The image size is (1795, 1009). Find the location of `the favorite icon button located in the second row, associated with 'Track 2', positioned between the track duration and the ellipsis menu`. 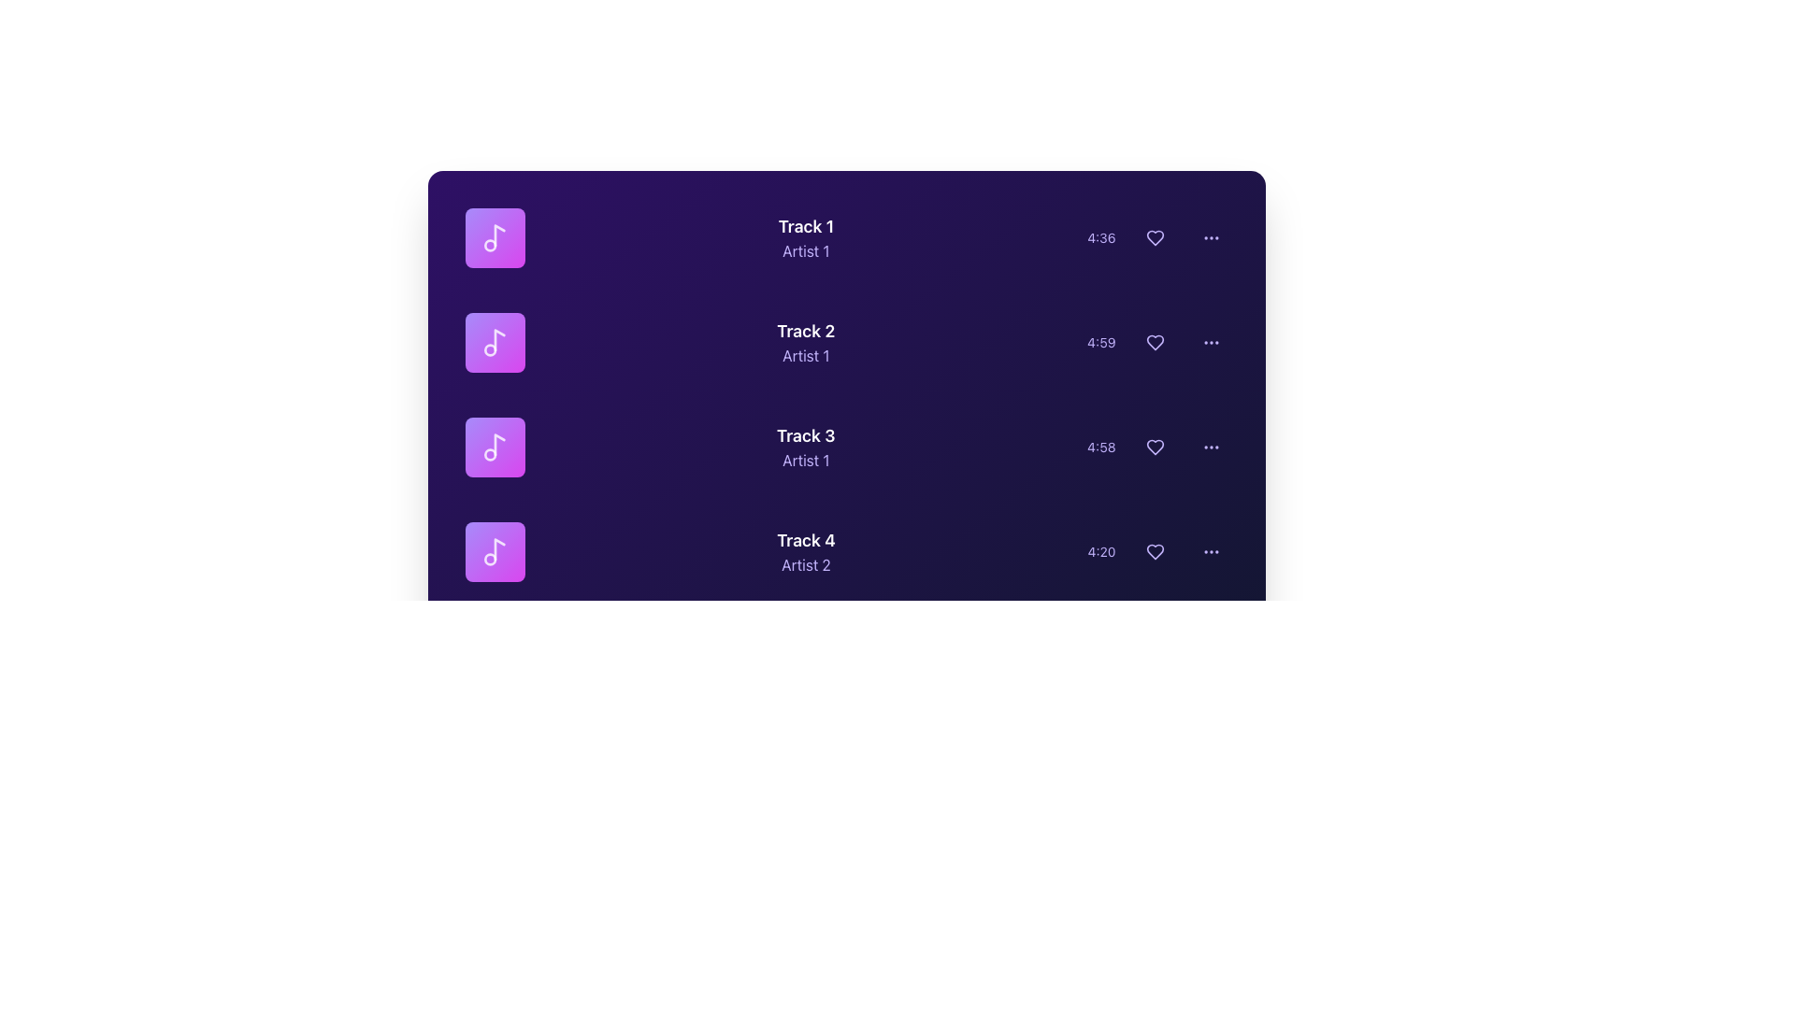

the favorite icon button located in the second row, associated with 'Track 2', positioned between the track duration and the ellipsis menu is located at coordinates (1154, 342).